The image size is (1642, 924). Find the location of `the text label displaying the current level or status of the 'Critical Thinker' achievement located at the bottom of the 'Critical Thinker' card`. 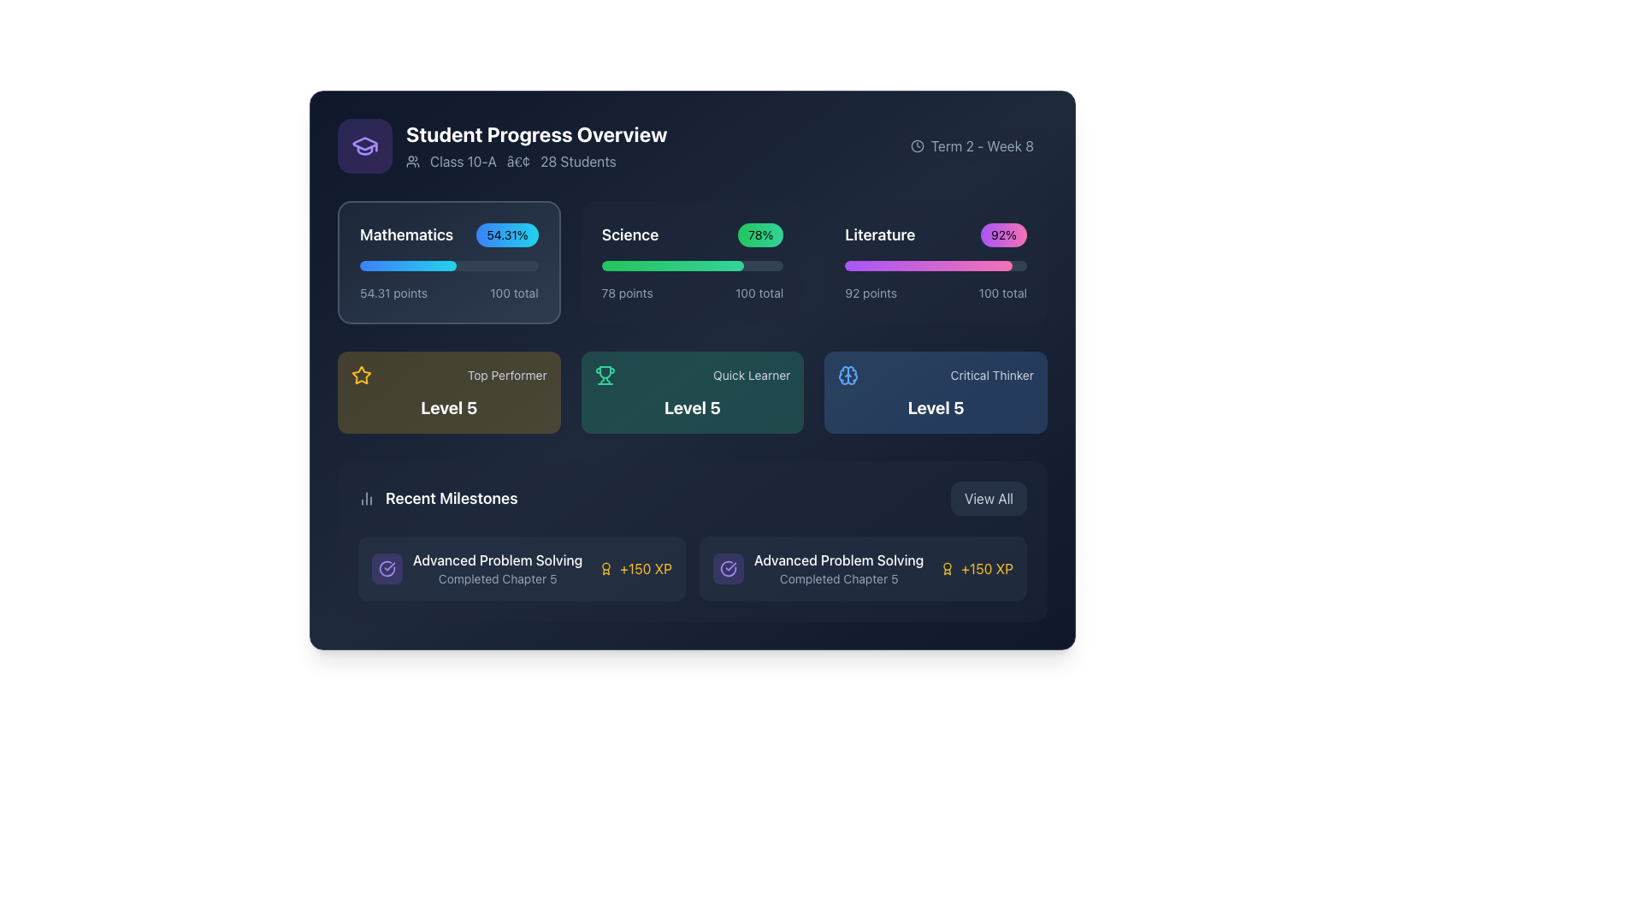

the text label displaying the current level or status of the 'Critical Thinker' achievement located at the bottom of the 'Critical Thinker' card is located at coordinates (935, 408).